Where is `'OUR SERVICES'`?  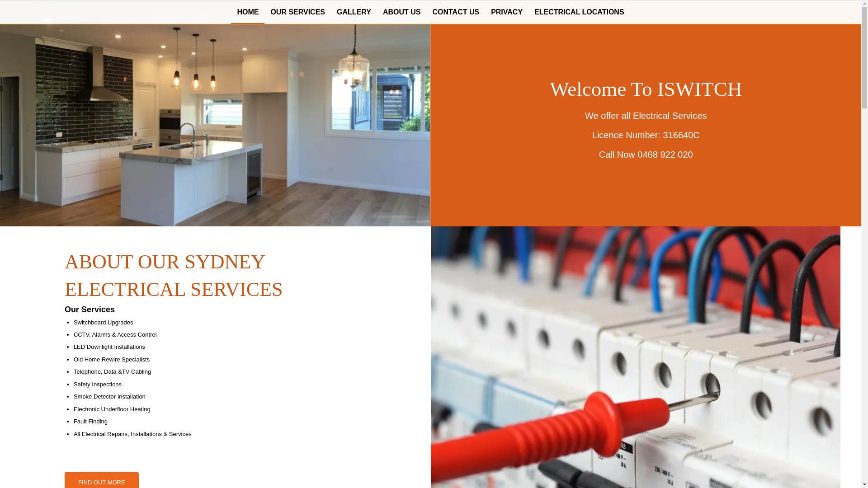
'OUR SERVICES' is located at coordinates (297, 12).